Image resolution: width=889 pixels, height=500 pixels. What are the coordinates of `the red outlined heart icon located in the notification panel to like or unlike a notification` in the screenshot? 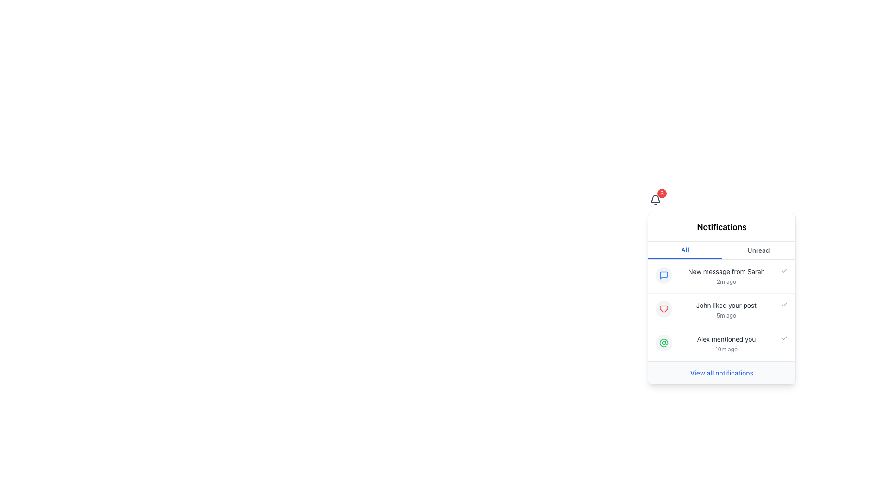 It's located at (664, 309).